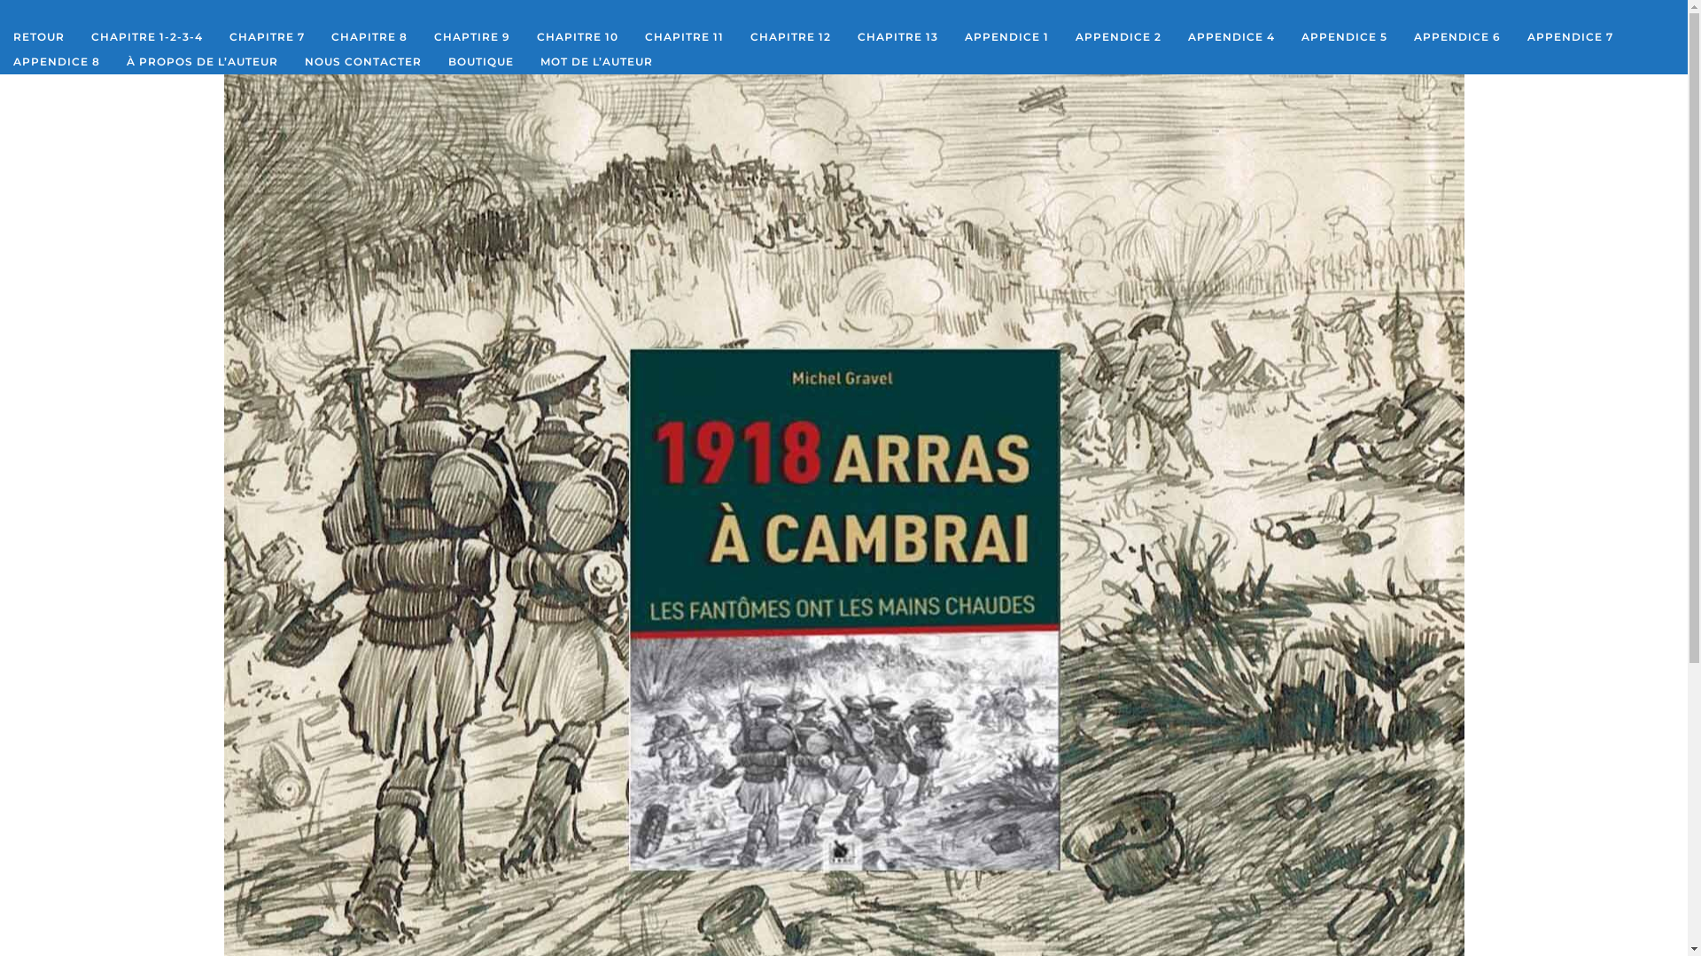  I want to click on 'CHAPITRE 7', so click(266, 37).